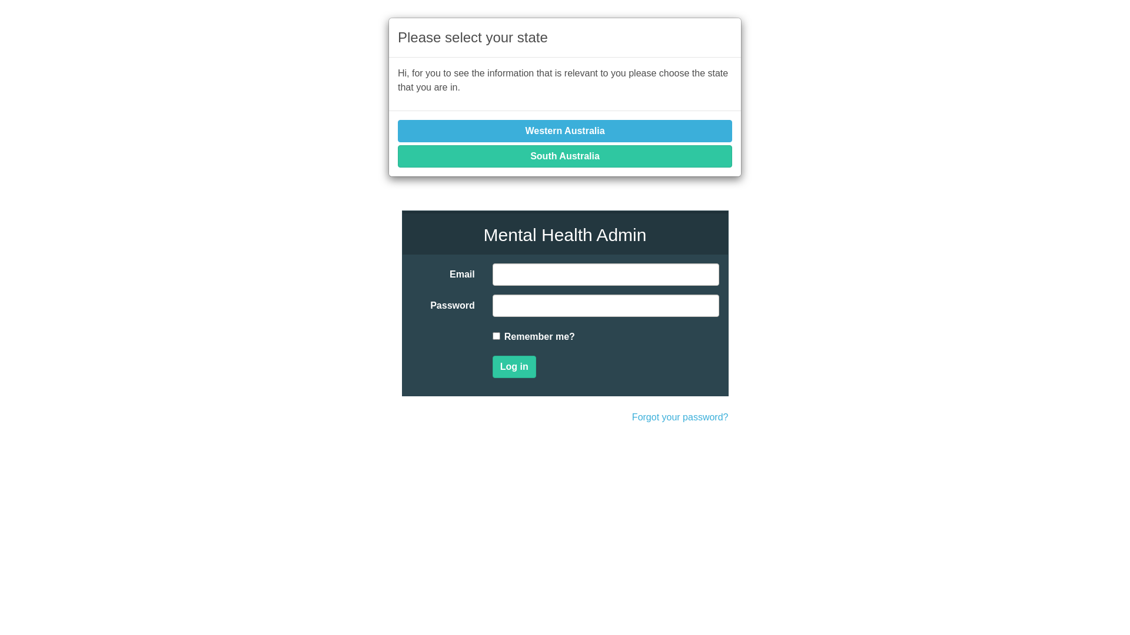 The width and height of the screenshot is (1130, 635). What do you see at coordinates (680, 416) in the screenshot?
I see `'Forgot your password?'` at bounding box center [680, 416].